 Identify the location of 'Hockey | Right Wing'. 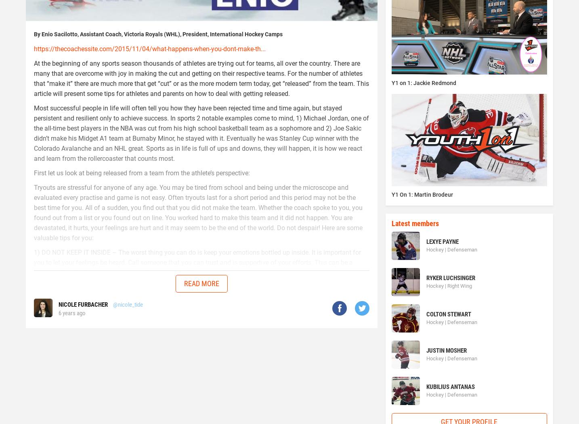
(449, 286).